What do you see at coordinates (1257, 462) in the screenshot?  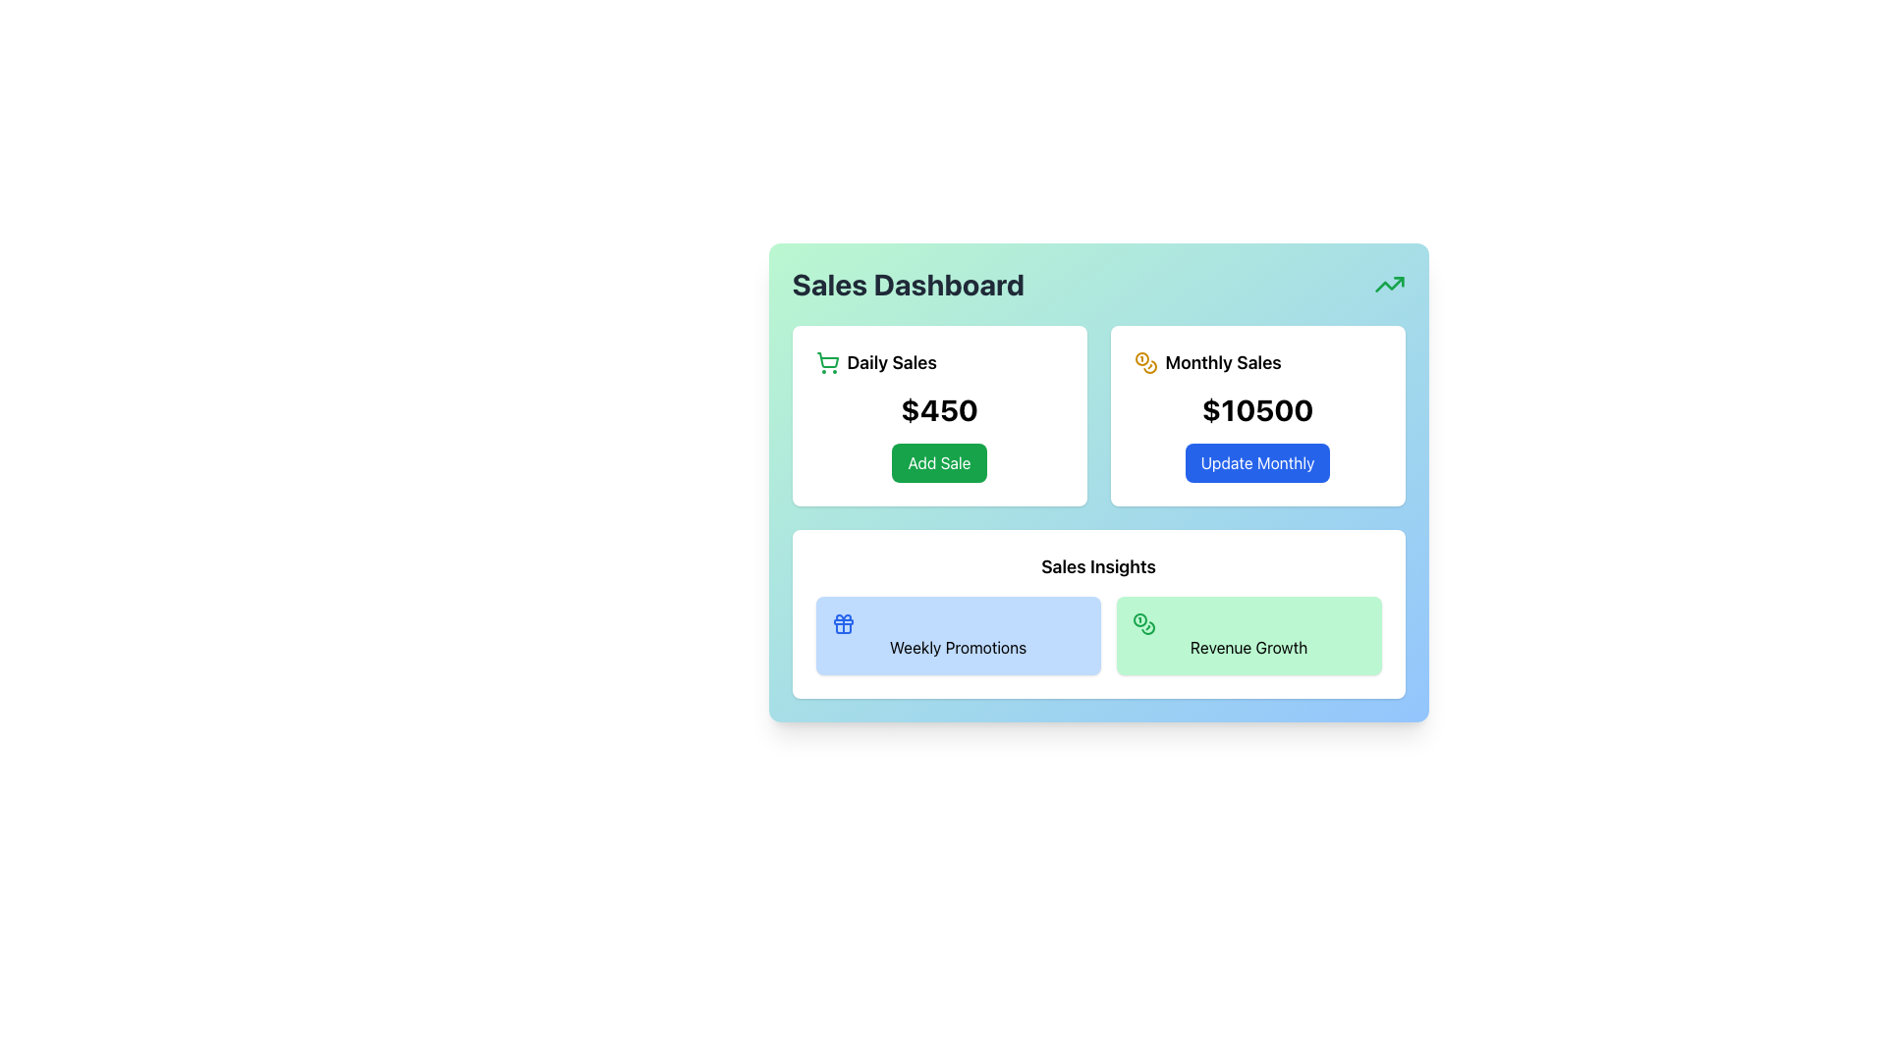 I see `the update button located at the bottom of the 'Monthly Sales' card, which triggers hover effects` at bounding box center [1257, 462].